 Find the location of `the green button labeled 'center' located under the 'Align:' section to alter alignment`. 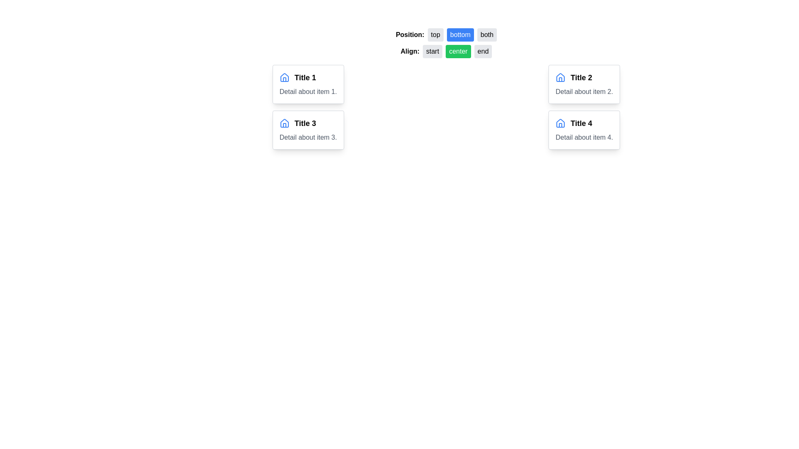

the green button labeled 'center' located under the 'Align:' section to alter alignment is located at coordinates (458, 51).